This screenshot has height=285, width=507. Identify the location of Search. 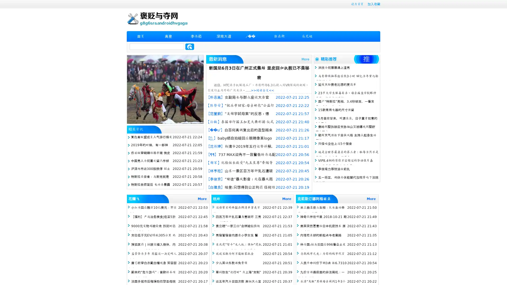
(190, 46).